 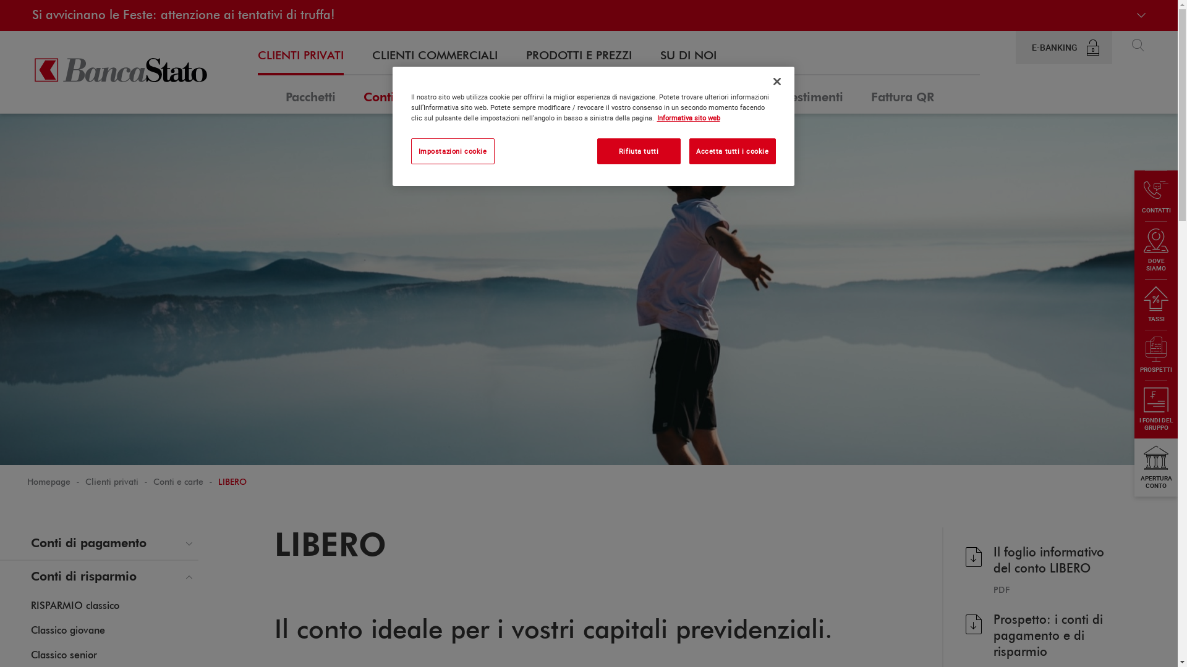 I want to click on 'Pacchetti', so click(x=284, y=94).